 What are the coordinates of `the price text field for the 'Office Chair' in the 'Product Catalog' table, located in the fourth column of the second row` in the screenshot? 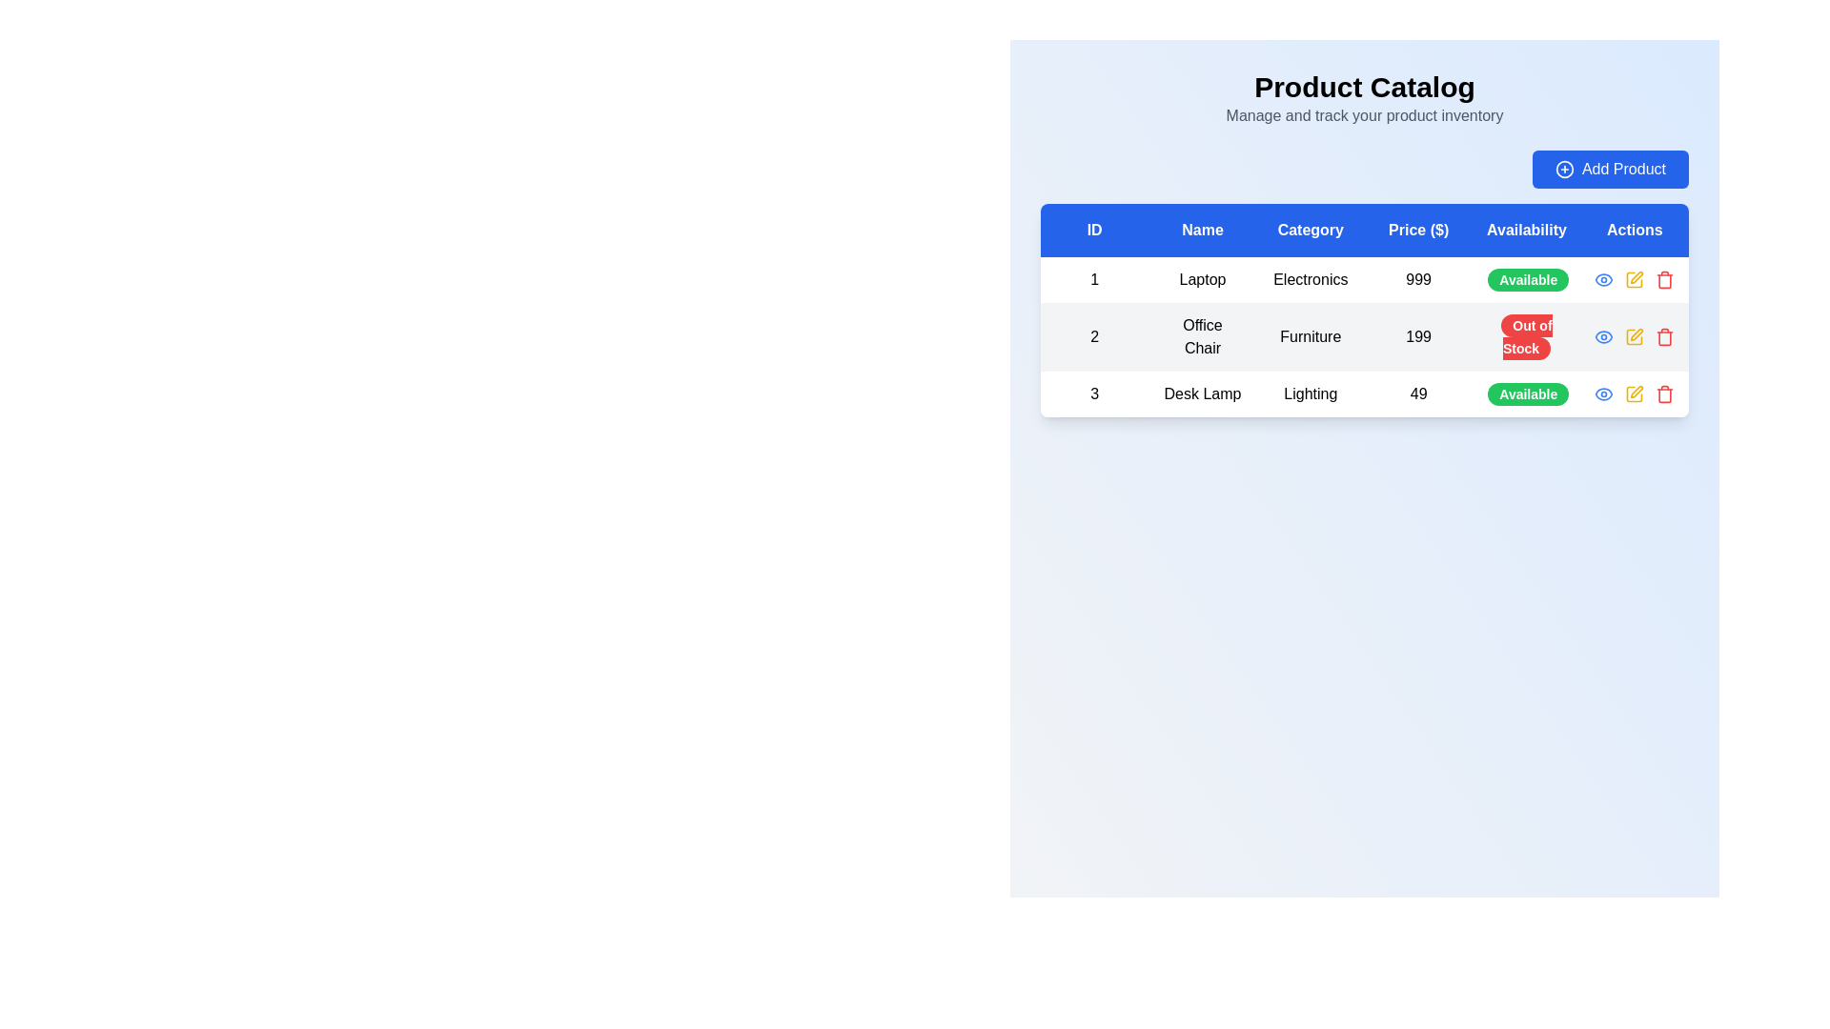 It's located at (1418, 336).